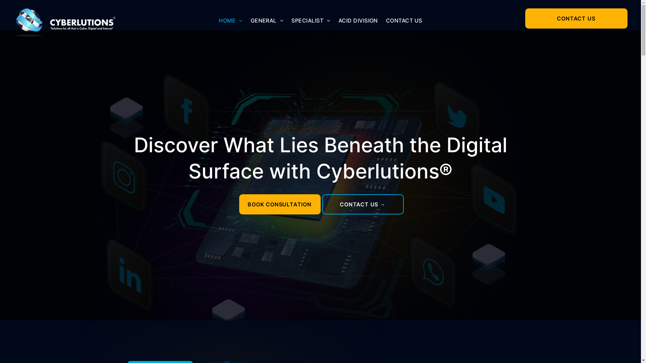 This screenshot has height=363, width=646. What do you see at coordinates (576, 18) in the screenshot?
I see `'CONTACT US'` at bounding box center [576, 18].